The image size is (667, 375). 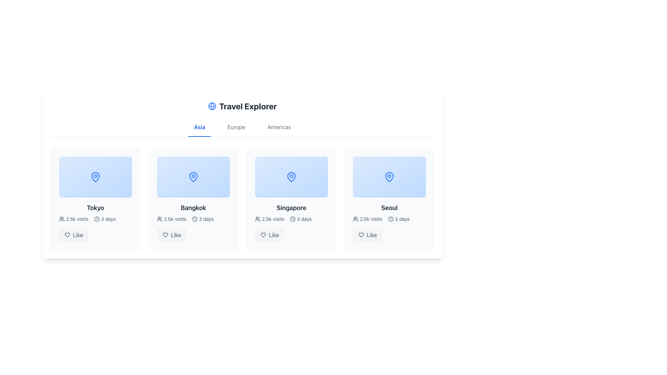 I want to click on the icon indicating the number of visits for the trip location in the first trip card under the 'Asia' category, located to the left of the text '2.5k visits', so click(x=61, y=219).